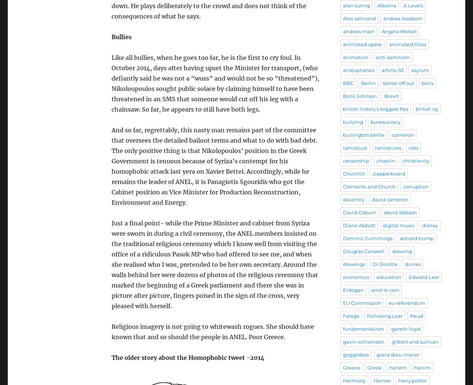 Image resolution: width=473 pixels, height=385 pixels. What do you see at coordinates (385, 161) in the screenshot?
I see `'chaplin'` at bounding box center [385, 161].